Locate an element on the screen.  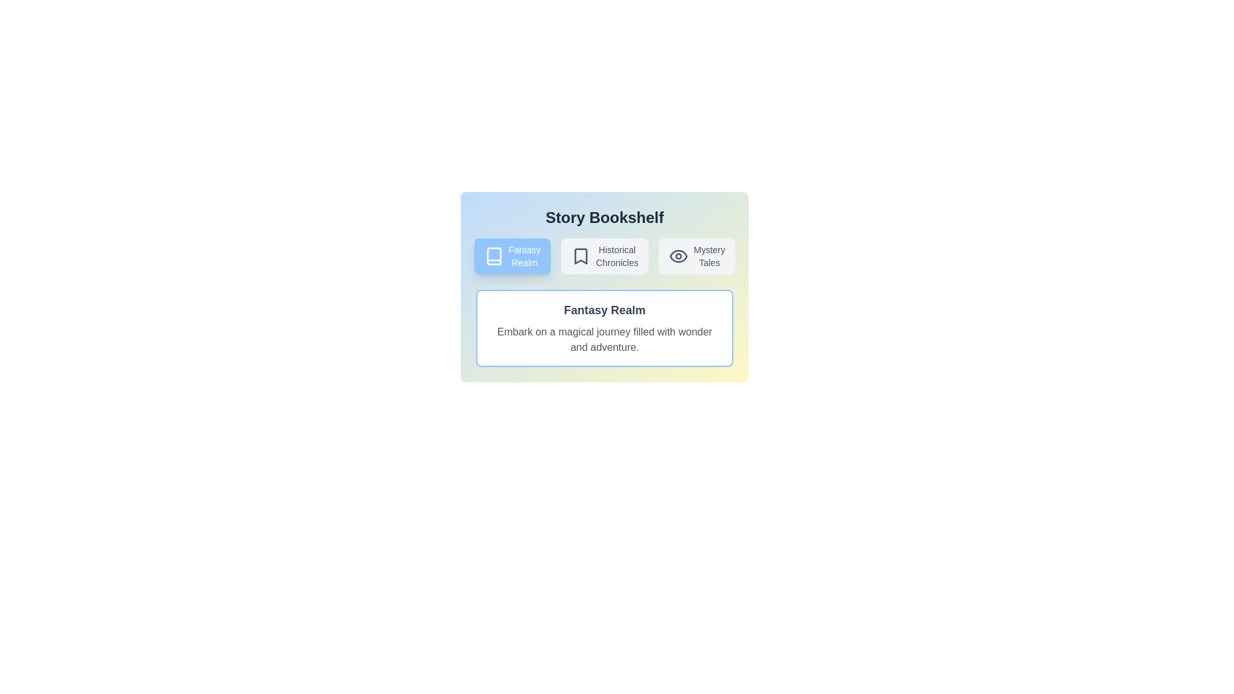
the button corresponding to Fantasy Realm to navigate to that story is located at coordinates (512, 256).